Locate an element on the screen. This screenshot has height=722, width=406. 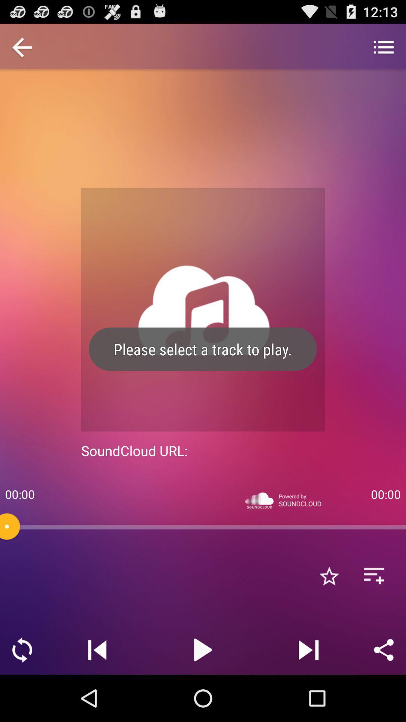
the icon above 00:00 icon is located at coordinates (22, 48).